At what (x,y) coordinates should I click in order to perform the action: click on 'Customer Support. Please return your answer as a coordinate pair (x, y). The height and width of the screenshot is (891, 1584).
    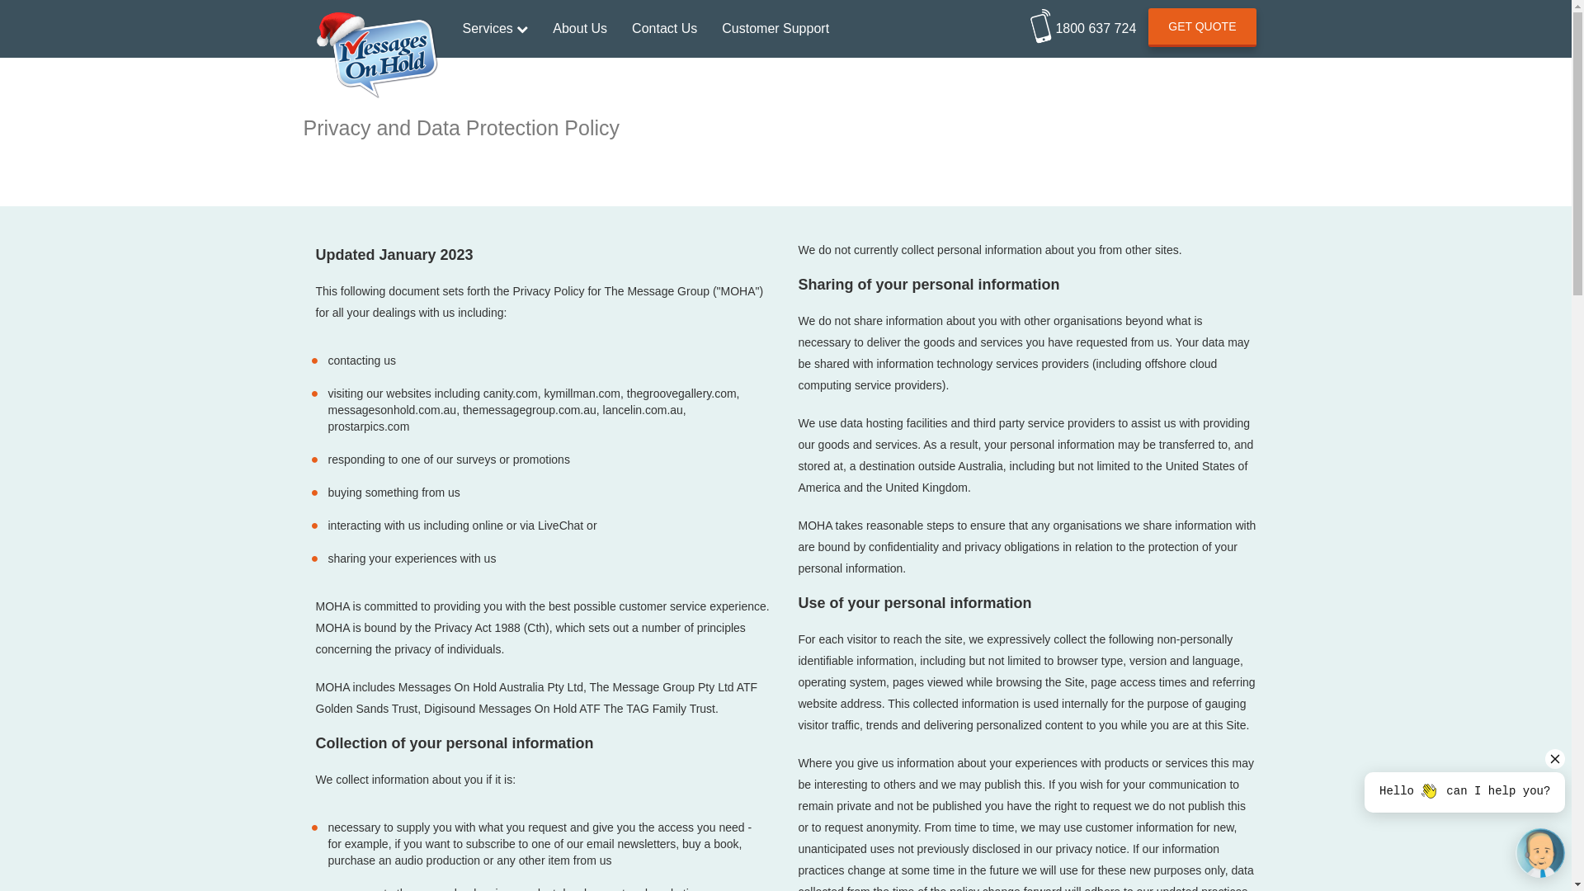
    Looking at the image, I should click on (775, 28).